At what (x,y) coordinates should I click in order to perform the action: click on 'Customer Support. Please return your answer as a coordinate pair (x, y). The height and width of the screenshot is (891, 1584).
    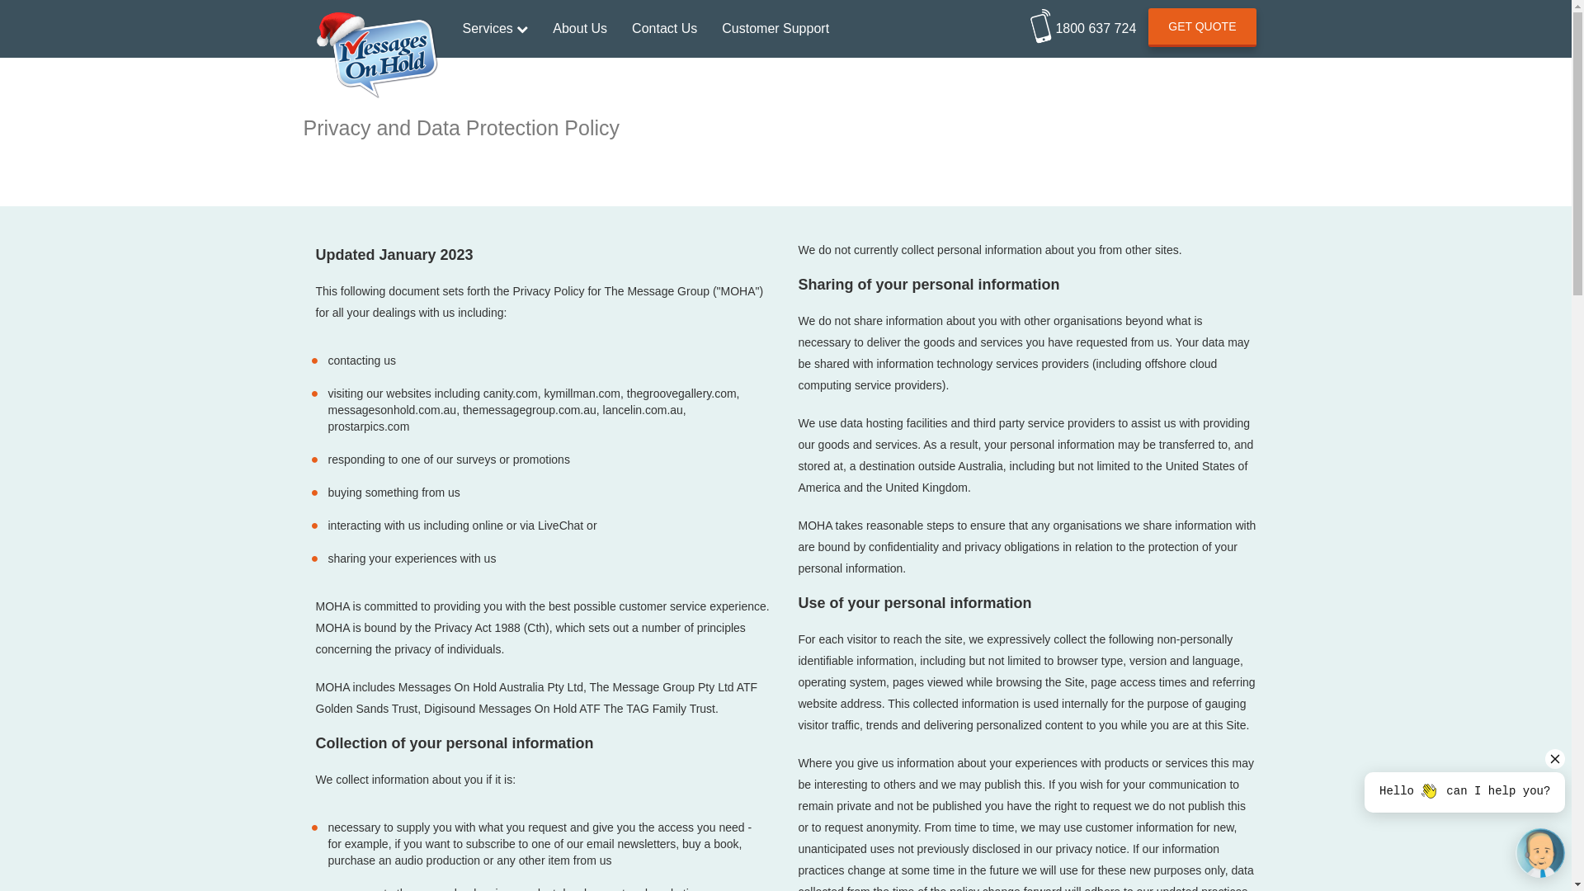
    Looking at the image, I should click on (775, 28).